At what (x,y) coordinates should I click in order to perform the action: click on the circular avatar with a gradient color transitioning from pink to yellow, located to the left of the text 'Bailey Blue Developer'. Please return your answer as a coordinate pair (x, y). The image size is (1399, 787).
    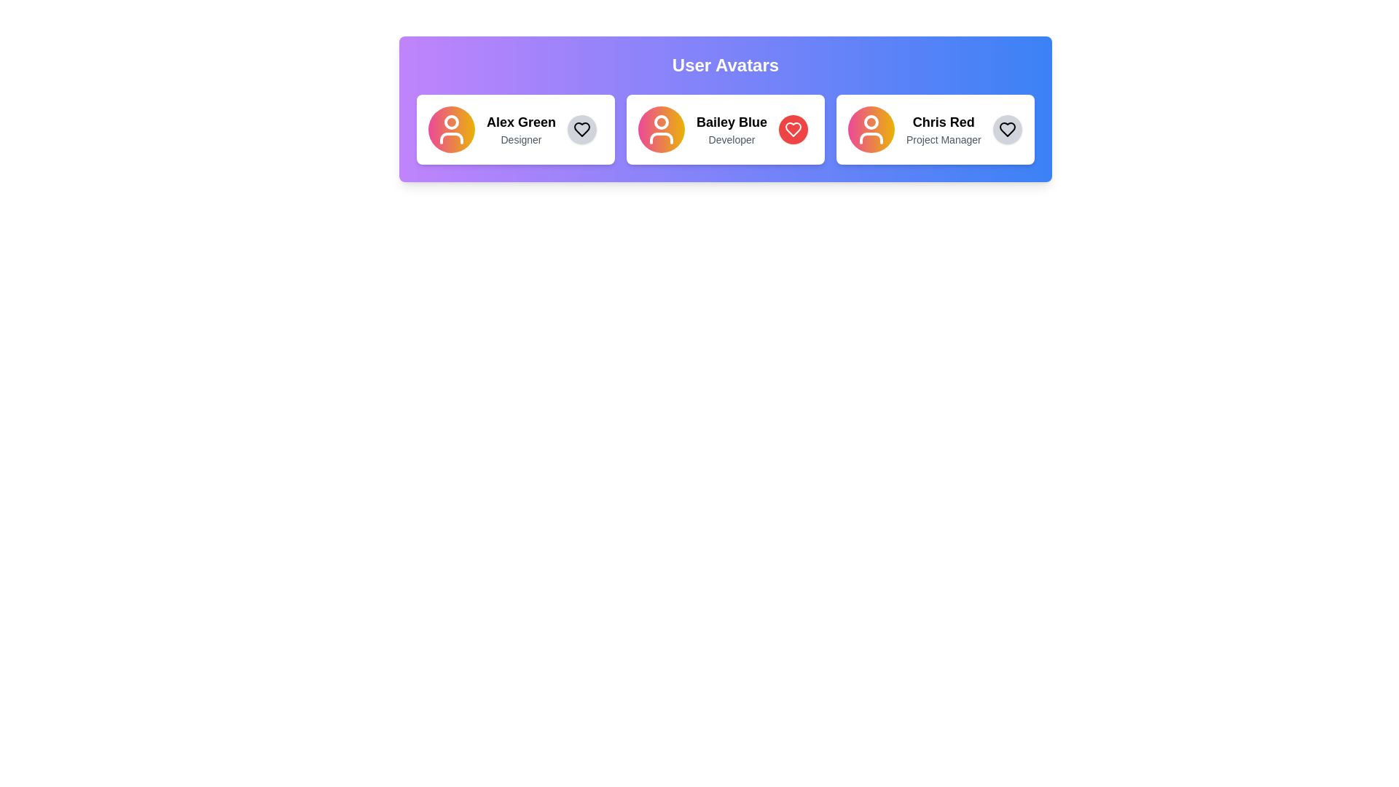
    Looking at the image, I should click on (660, 128).